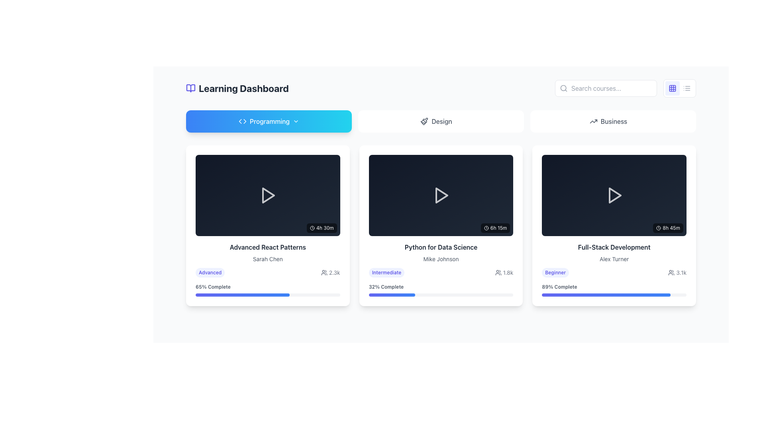  I want to click on the paintbrush icon located in the center of the top navigation menu, positioned between the 'Programming' and 'Business' sections, so click(425, 120).